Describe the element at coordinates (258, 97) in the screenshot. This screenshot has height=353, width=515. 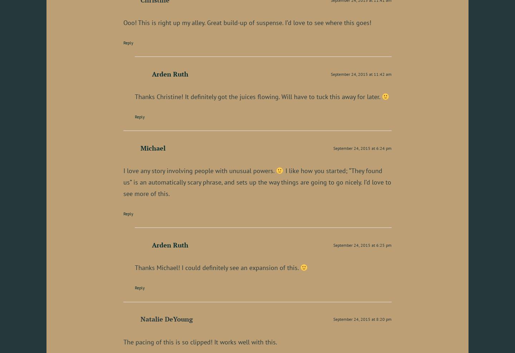
I see `'Thanks Christine! It definitely got the juices flowing. Will have to tuck this away for later.'` at that location.